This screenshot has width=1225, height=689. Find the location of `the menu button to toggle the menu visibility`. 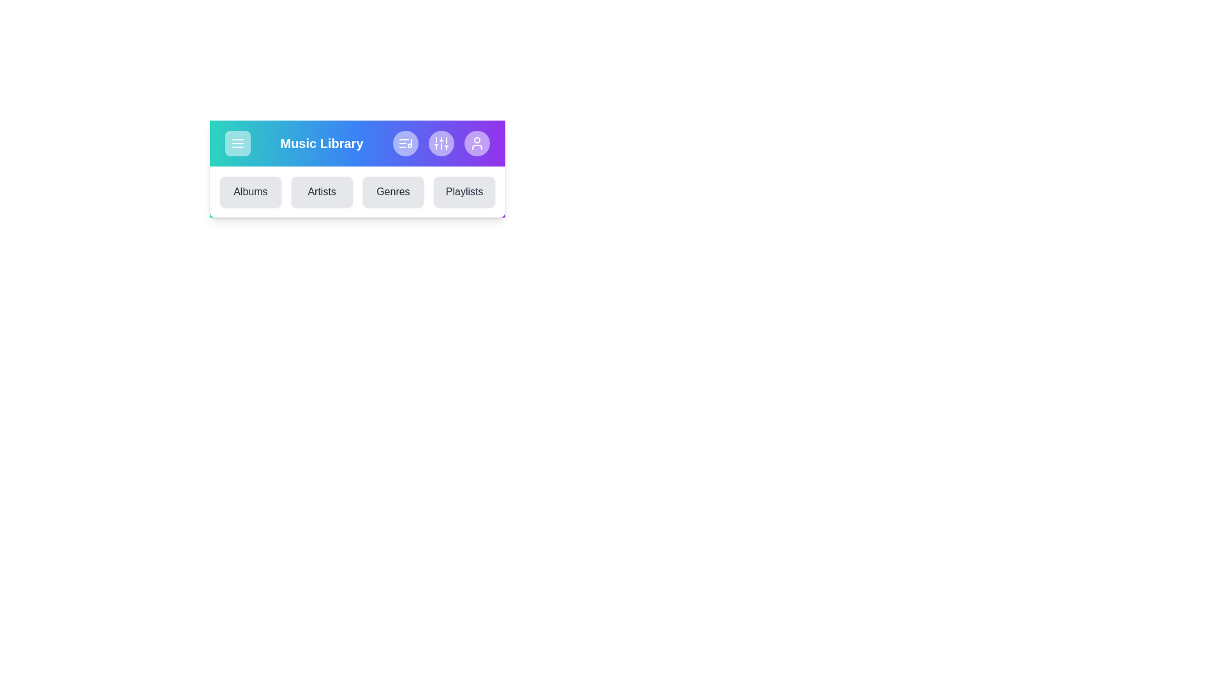

the menu button to toggle the menu visibility is located at coordinates (238, 143).